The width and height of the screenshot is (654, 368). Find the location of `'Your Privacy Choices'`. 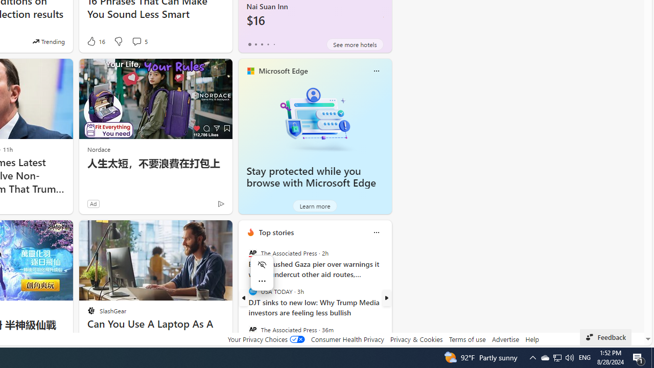

'Your Privacy Choices' is located at coordinates (266, 339).